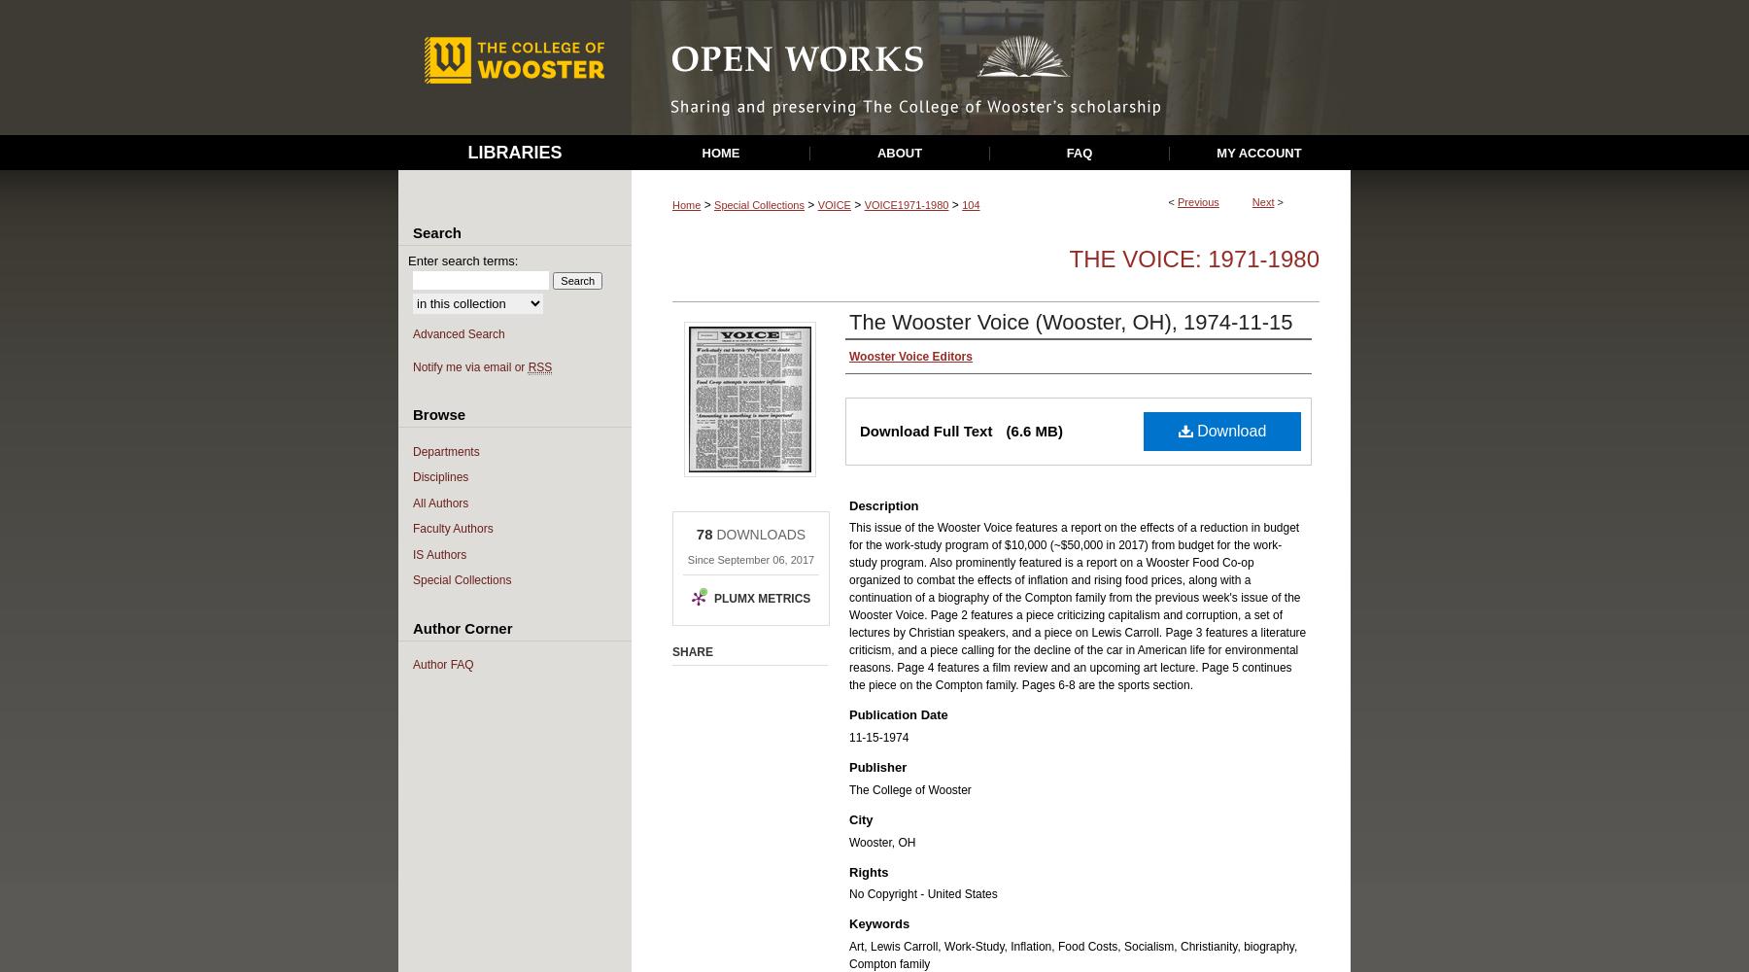 The height and width of the screenshot is (972, 1749). I want to click on 'Home', so click(685, 204).